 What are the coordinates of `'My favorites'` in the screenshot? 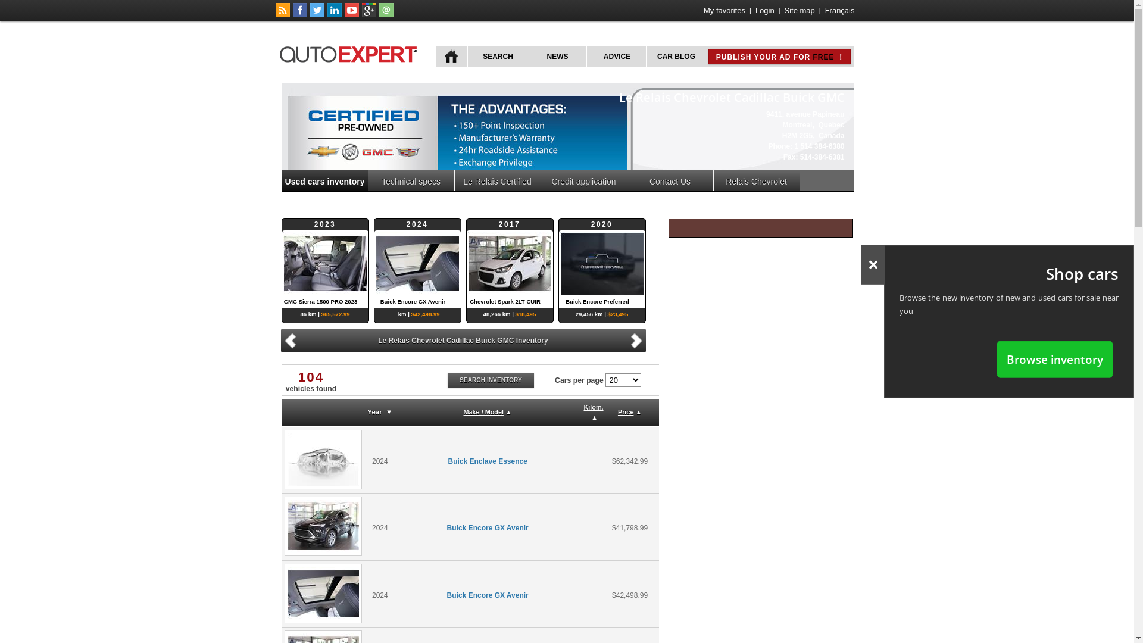 It's located at (724, 10).